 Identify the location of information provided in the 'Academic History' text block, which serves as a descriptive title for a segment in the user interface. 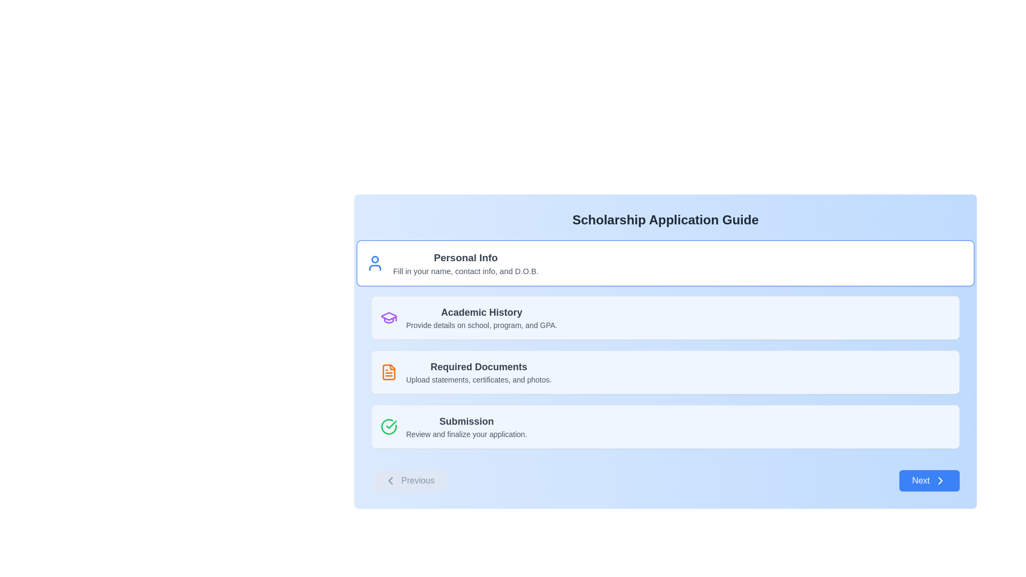
(481, 317).